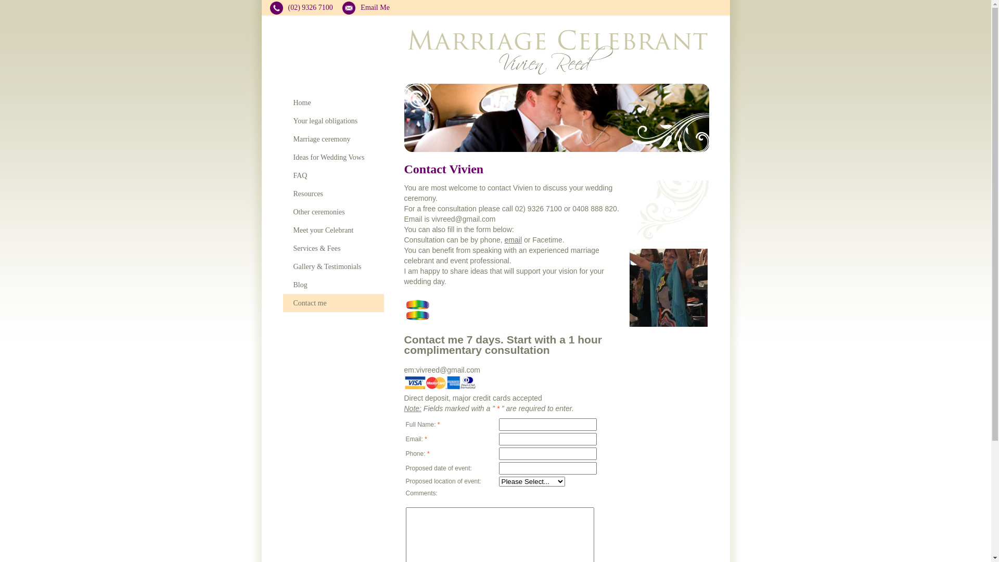 The height and width of the screenshot is (562, 999). What do you see at coordinates (403, 310) in the screenshot?
I see `'Celebrants For Marriage Equality Logo'` at bounding box center [403, 310].